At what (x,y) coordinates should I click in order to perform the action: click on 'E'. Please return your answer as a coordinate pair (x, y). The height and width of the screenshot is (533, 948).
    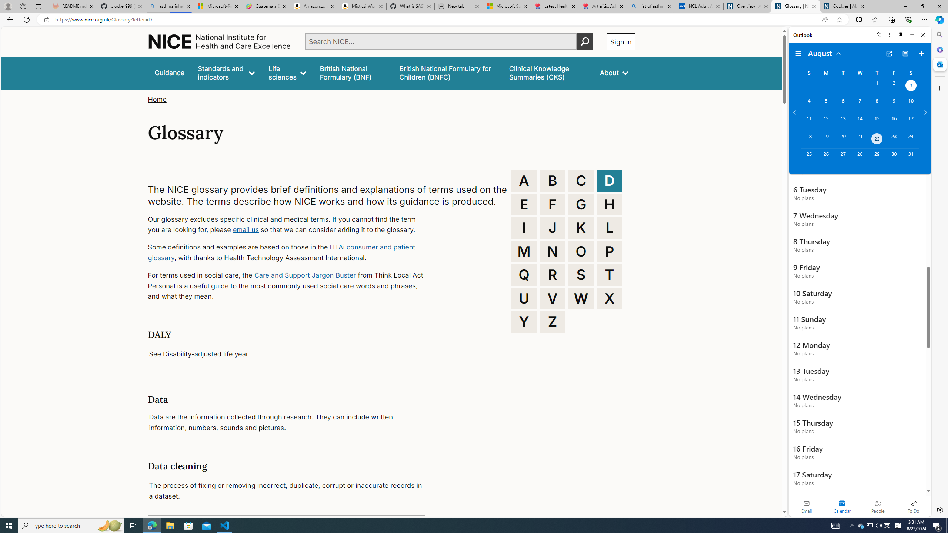
    Looking at the image, I should click on (524, 204).